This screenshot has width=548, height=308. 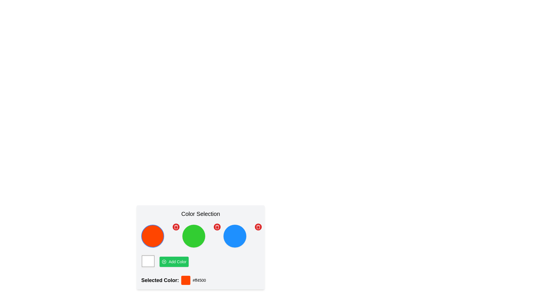 I want to click on the second circular color option representing green in the middle section of the interface, so click(x=200, y=247).